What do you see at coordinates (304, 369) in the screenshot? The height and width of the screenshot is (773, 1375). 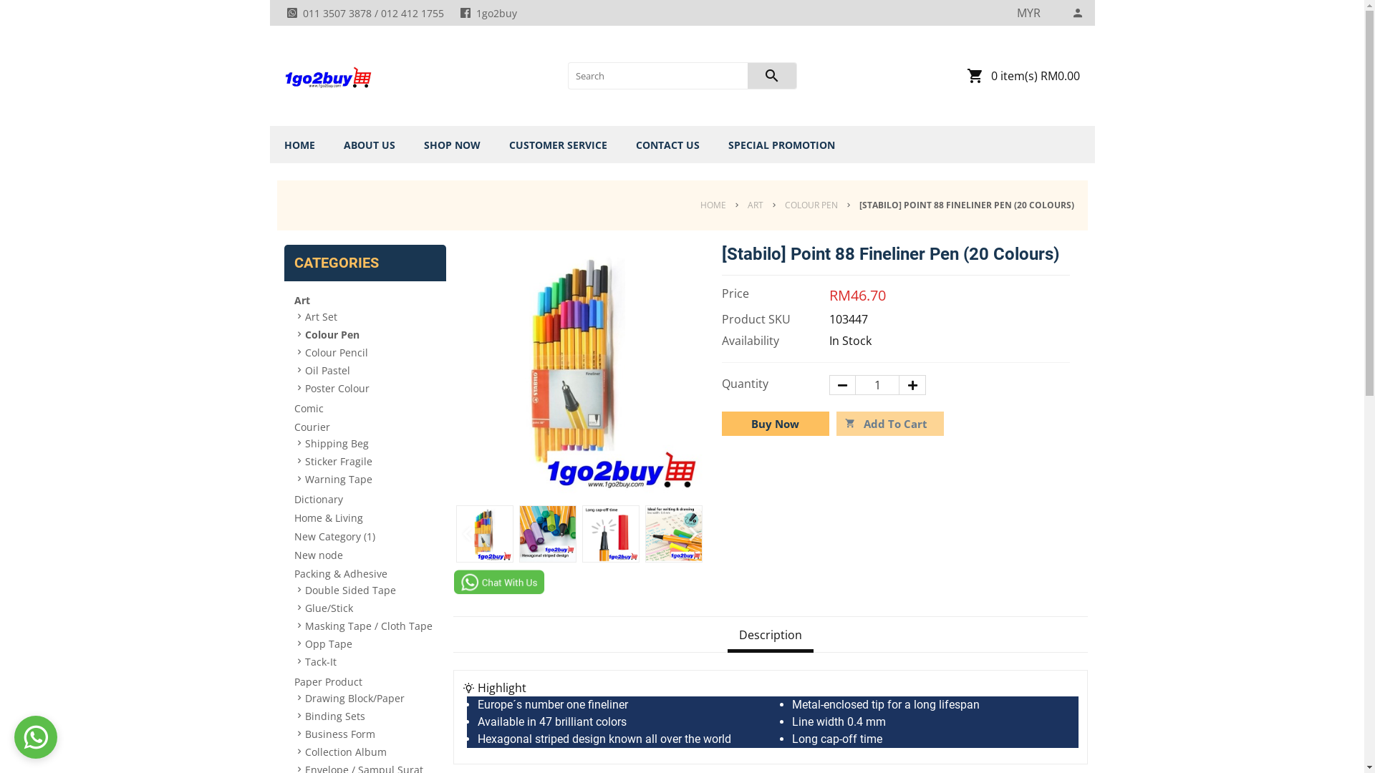 I see `'Oil Pastel'` at bounding box center [304, 369].